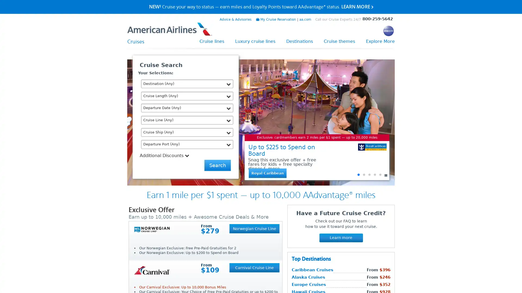 Image resolution: width=522 pixels, height=293 pixels. I want to click on Destinations, so click(299, 41).